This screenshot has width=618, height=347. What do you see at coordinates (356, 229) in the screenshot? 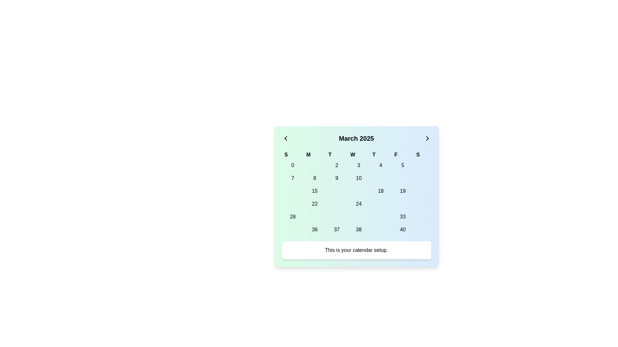
I see `static text displaying the number '38', which is centrally aligned among the numbers '36', '37', and '40' in the calendar widget` at bounding box center [356, 229].